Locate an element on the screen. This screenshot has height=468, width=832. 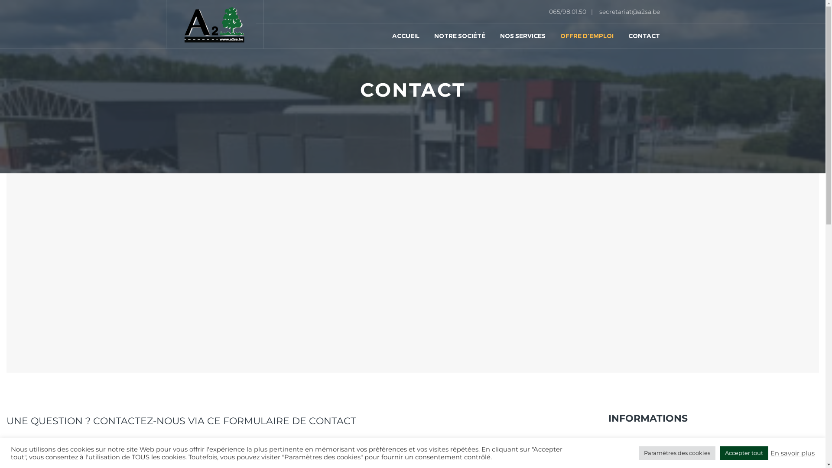
'NOS SERVICES' is located at coordinates (493, 24).